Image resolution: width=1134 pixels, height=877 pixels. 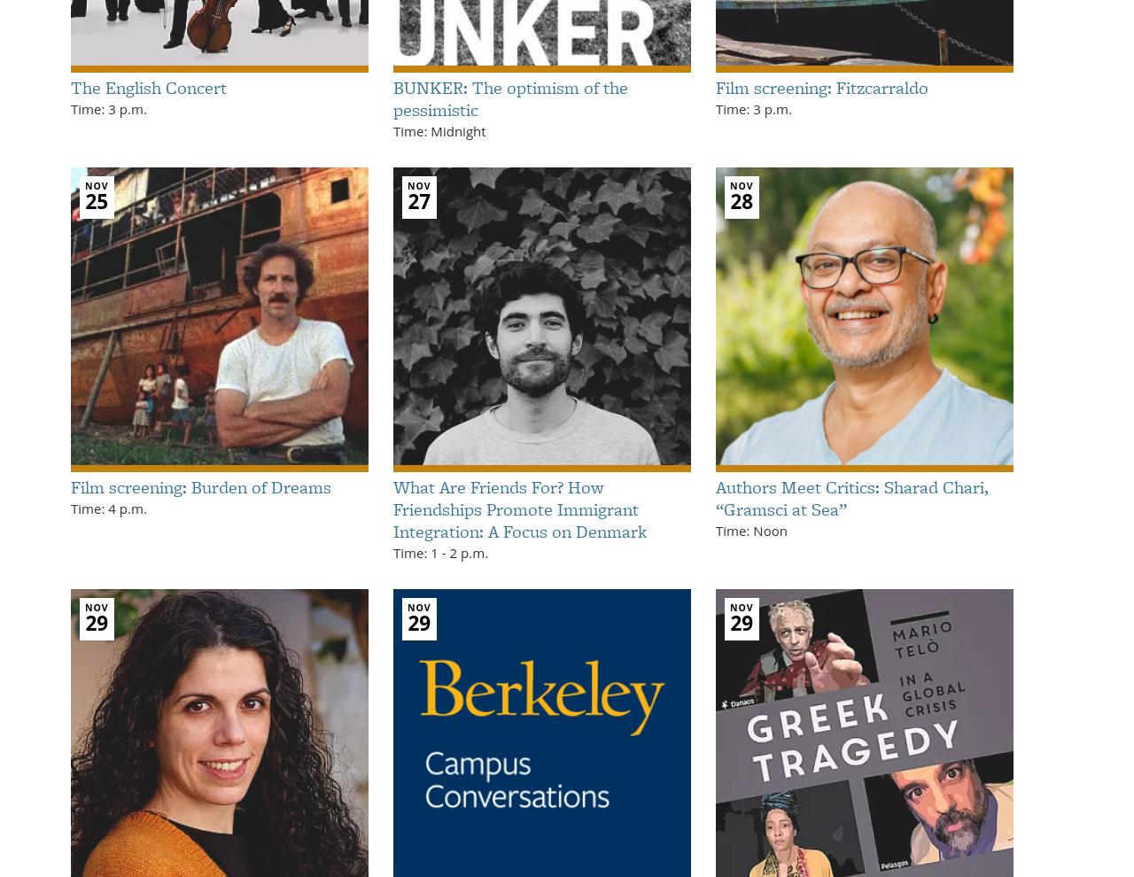 What do you see at coordinates (107, 508) in the screenshot?
I see `'Time: 4 p.m.'` at bounding box center [107, 508].